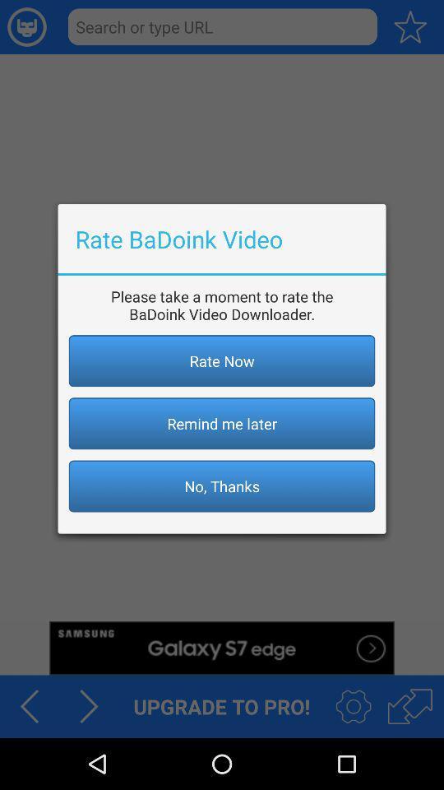 Image resolution: width=444 pixels, height=790 pixels. I want to click on button below rate now icon, so click(222, 422).